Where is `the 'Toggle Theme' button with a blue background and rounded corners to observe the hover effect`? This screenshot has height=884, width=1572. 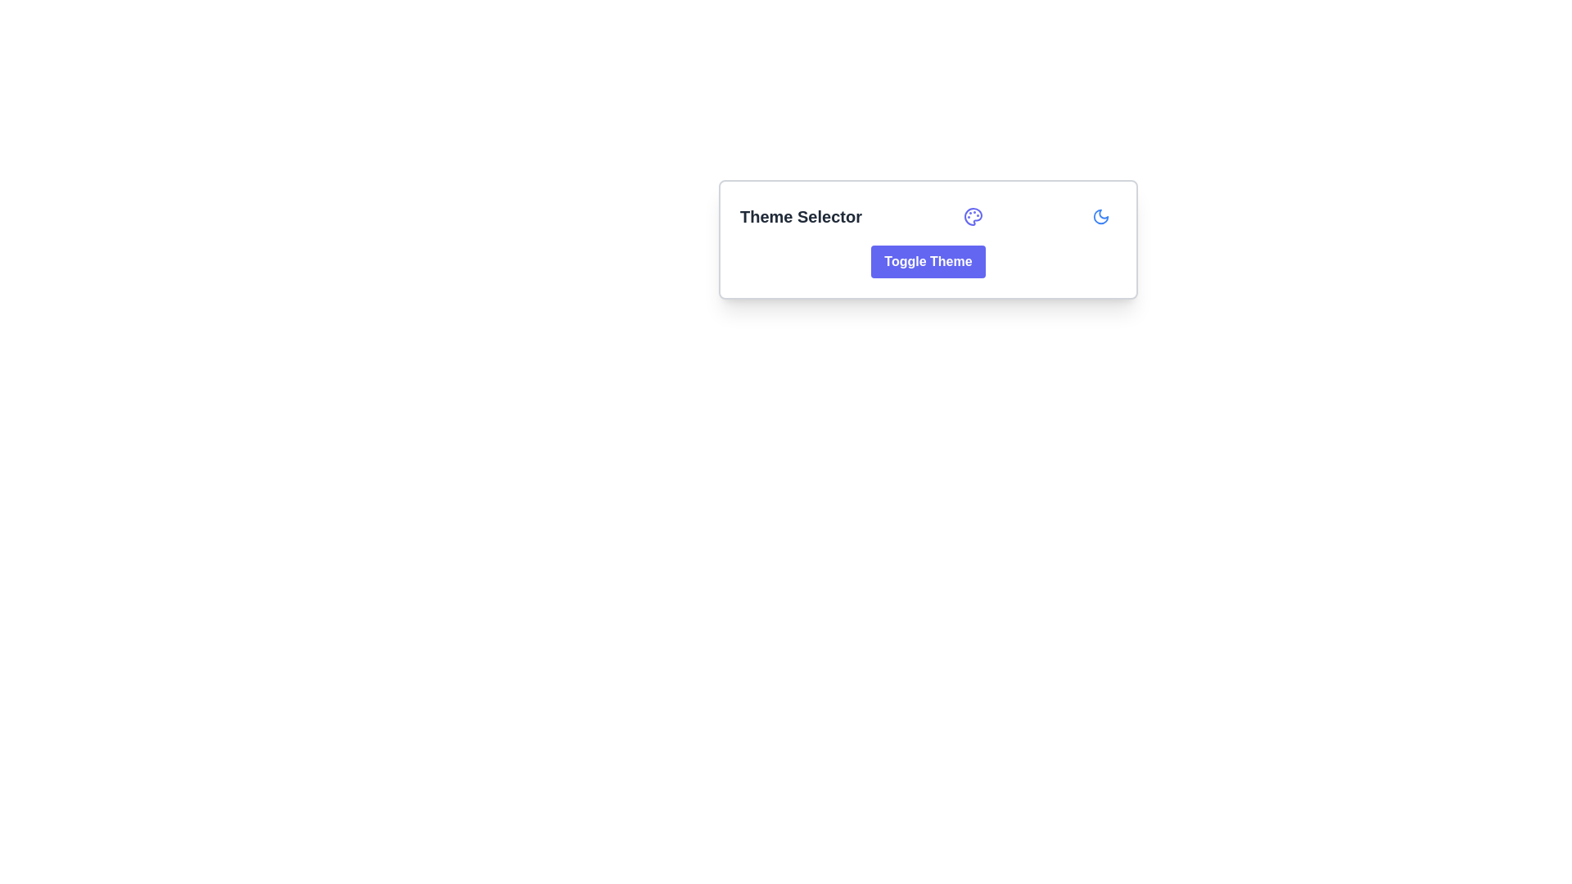
the 'Toggle Theme' button with a blue background and rounded corners to observe the hover effect is located at coordinates (928, 261).